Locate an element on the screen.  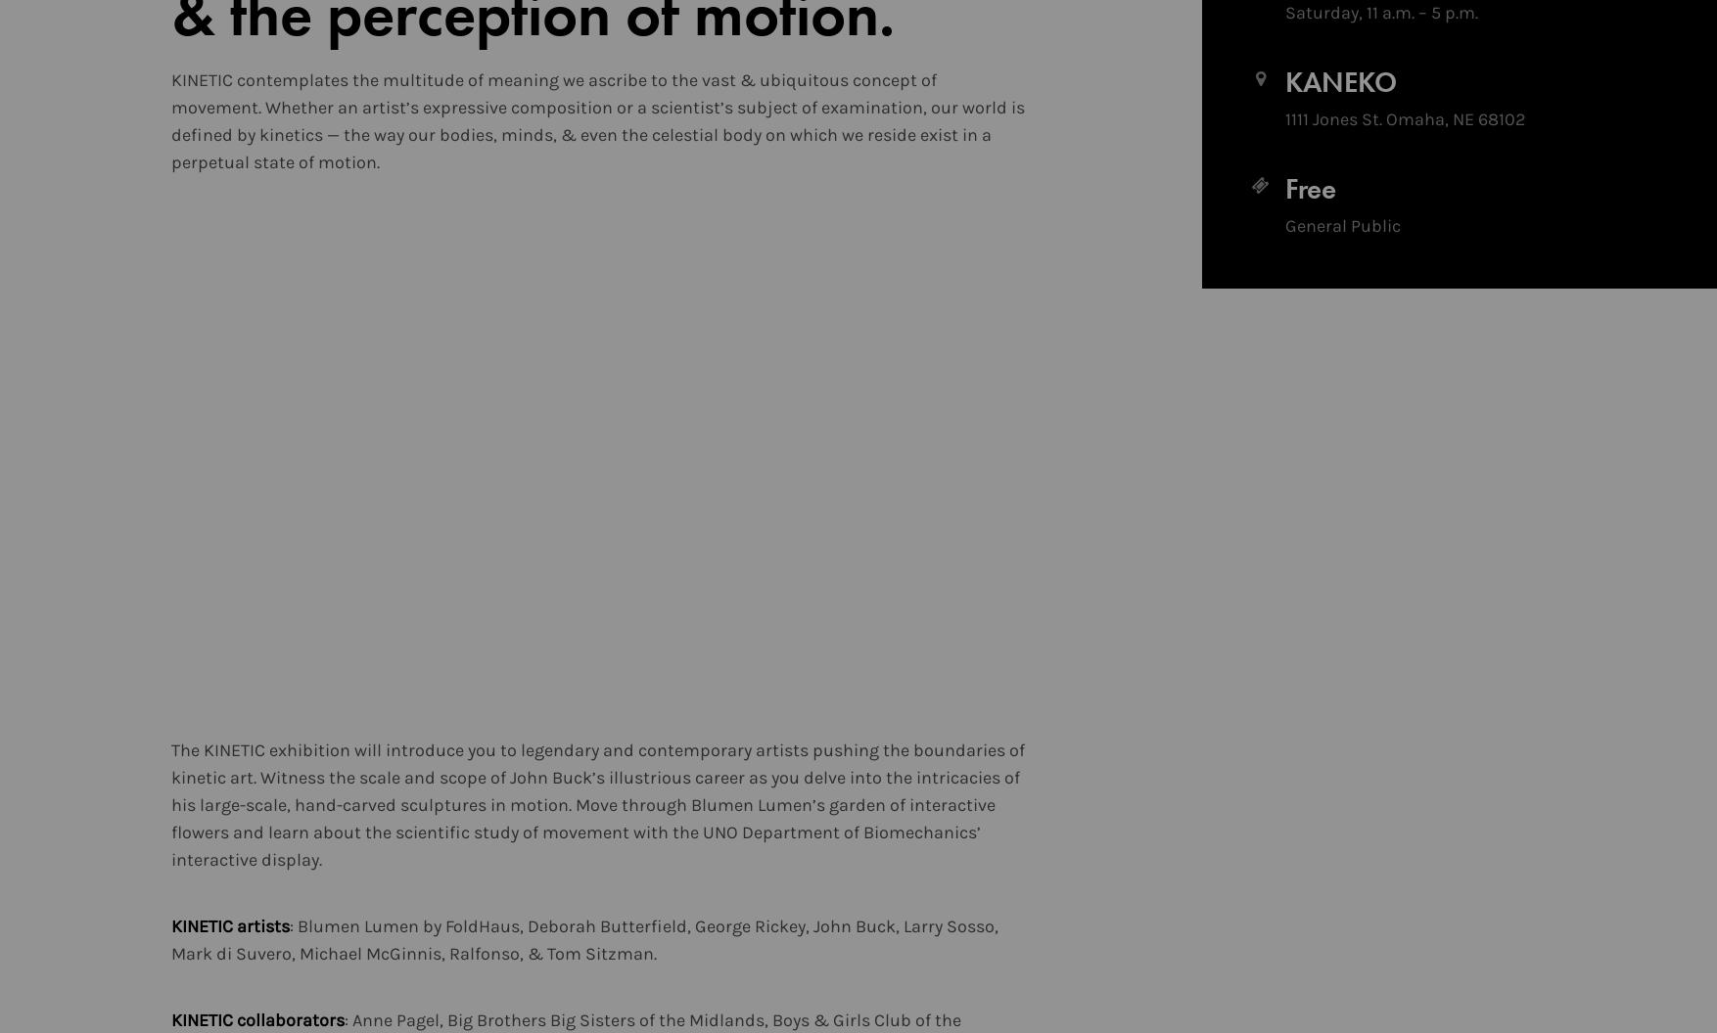
'1111 Jones St. Omaha, NE 68102' is located at coordinates (1283, 117).